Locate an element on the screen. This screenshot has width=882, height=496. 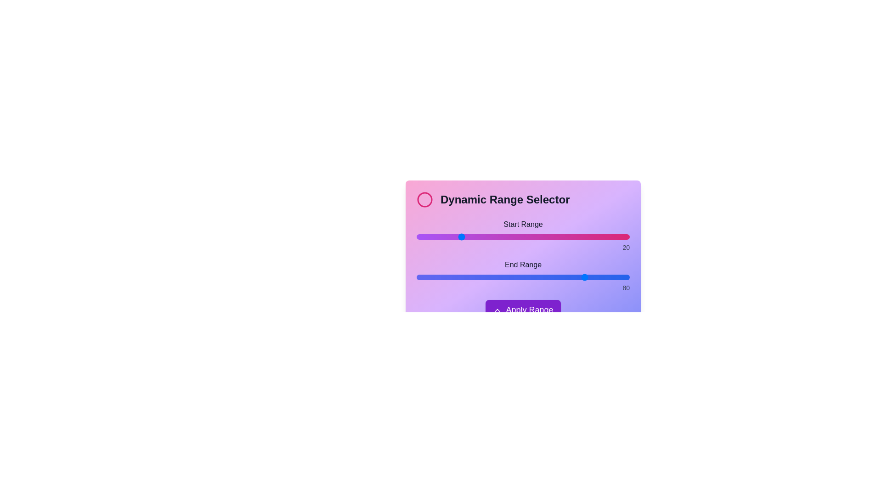
the start range slider to 61 by dragging the slider to the desired position is located at coordinates (547, 237).